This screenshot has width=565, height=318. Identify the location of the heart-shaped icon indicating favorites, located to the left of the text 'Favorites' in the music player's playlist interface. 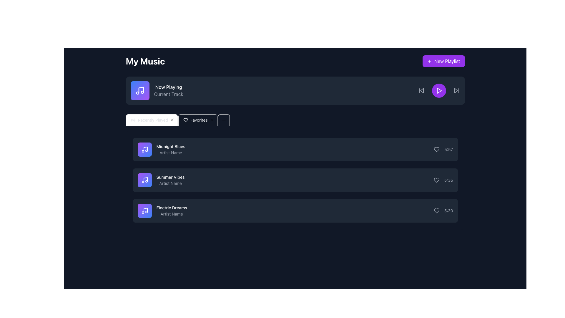
(185, 120).